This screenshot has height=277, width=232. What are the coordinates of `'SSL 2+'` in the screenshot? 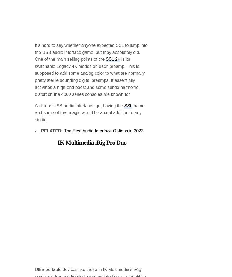 It's located at (113, 15).